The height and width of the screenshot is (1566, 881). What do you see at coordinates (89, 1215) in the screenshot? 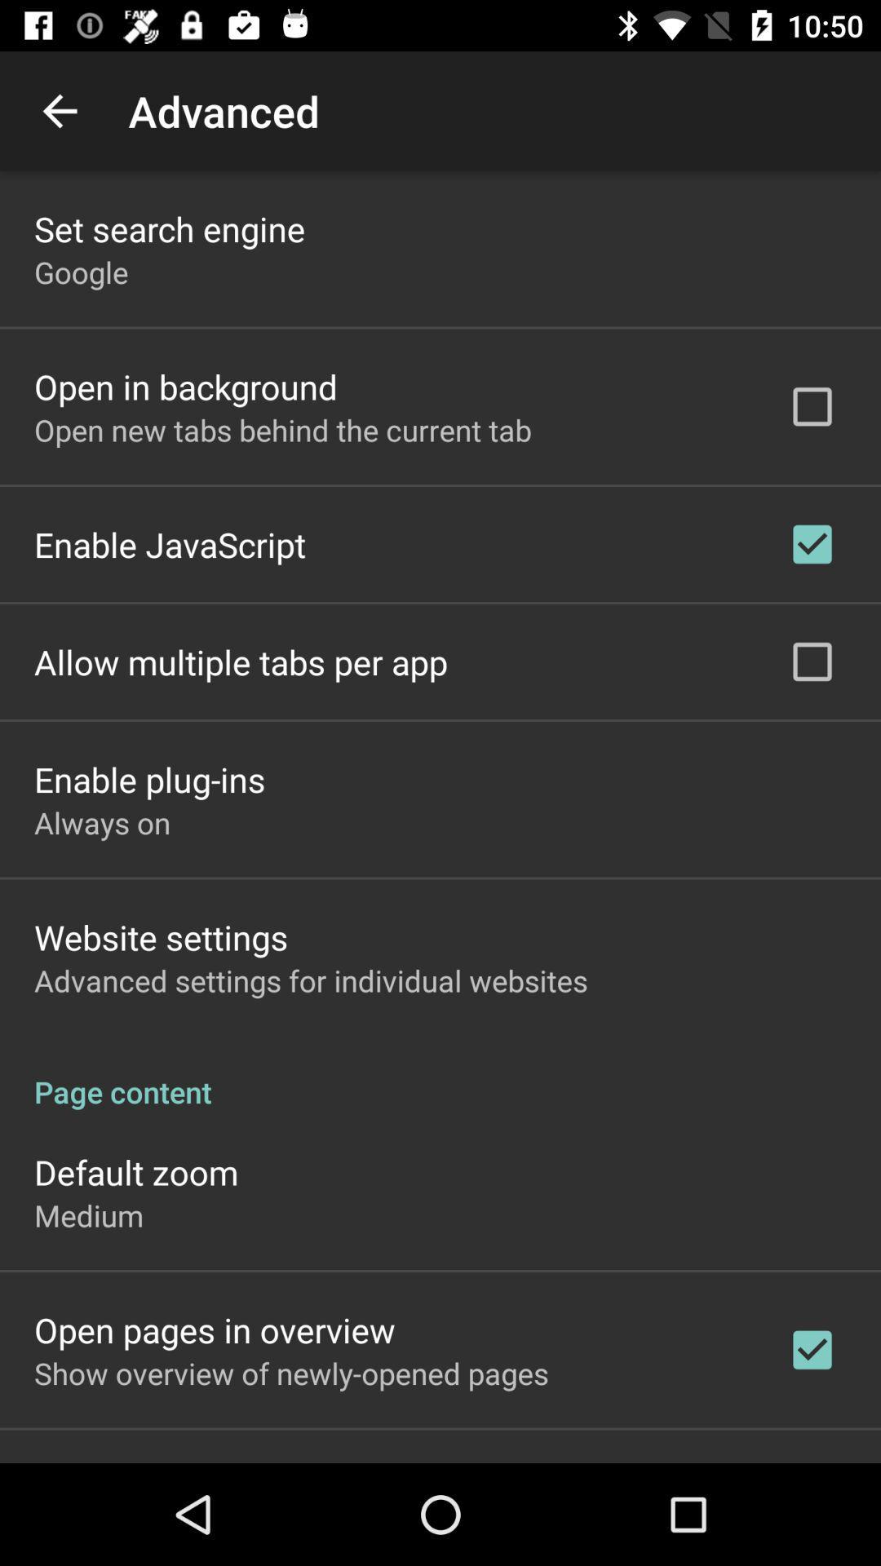
I see `the icon below default zoom` at bounding box center [89, 1215].